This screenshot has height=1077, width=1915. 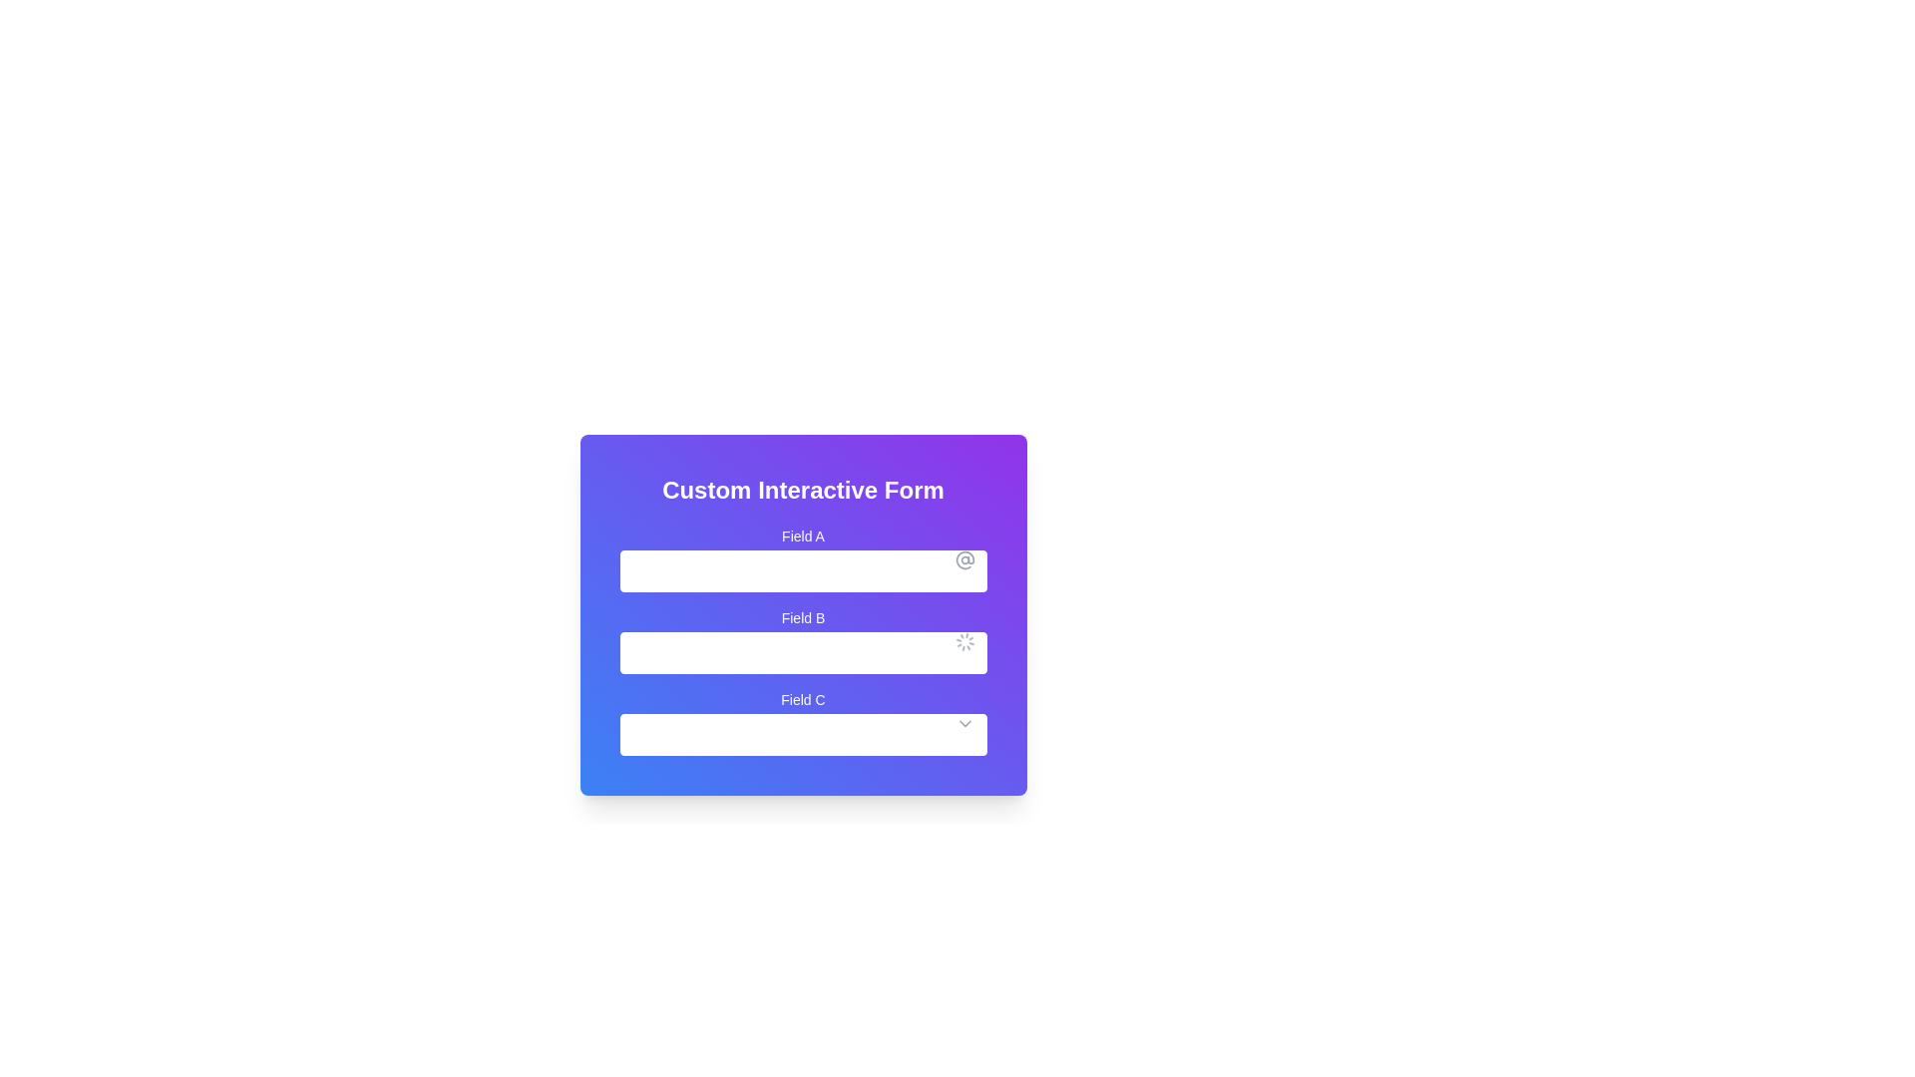 What do you see at coordinates (964, 560) in the screenshot?
I see `the '@' icon located inside the input field labeled 'Field A', positioned at the right edge and aligned vertically to the center` at bounding box center [964, 560].